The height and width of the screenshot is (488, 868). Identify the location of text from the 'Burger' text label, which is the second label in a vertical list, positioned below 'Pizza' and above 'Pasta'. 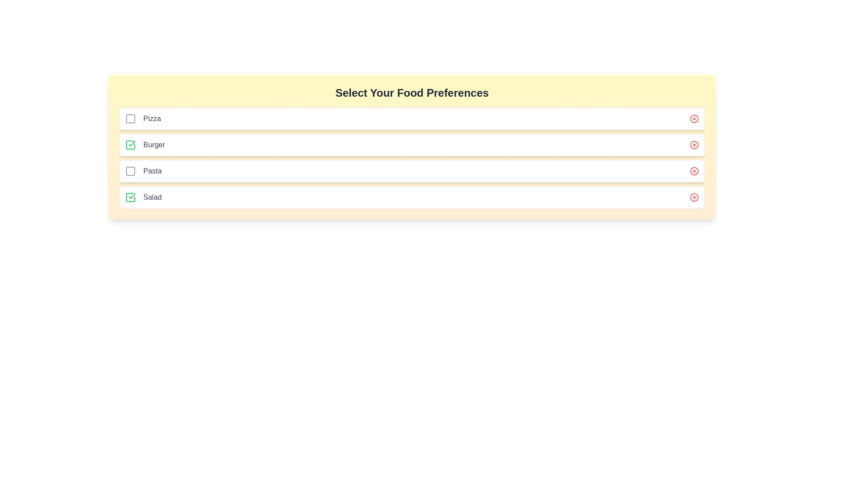
(154, 144).